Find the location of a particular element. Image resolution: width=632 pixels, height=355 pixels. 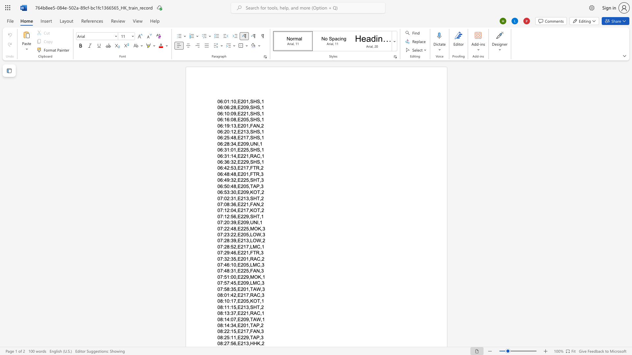

the subset text ":39,E213" within the text "07:28:39,E213,LOW,2" is located at coordinates (229, 241).